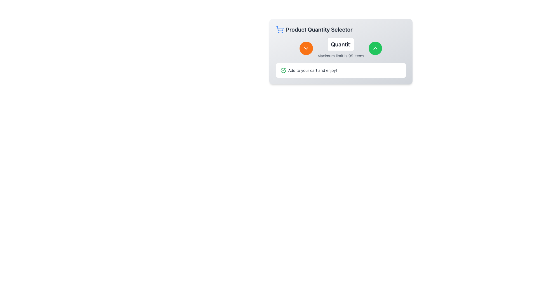 This screenshot has width=537, height=302. Describe the element at coordinates (375, 48) in the screenshot. I see `the button located on the rightmost side of the row containing the quantity selector to increase the quantity of the selected item` at that location.